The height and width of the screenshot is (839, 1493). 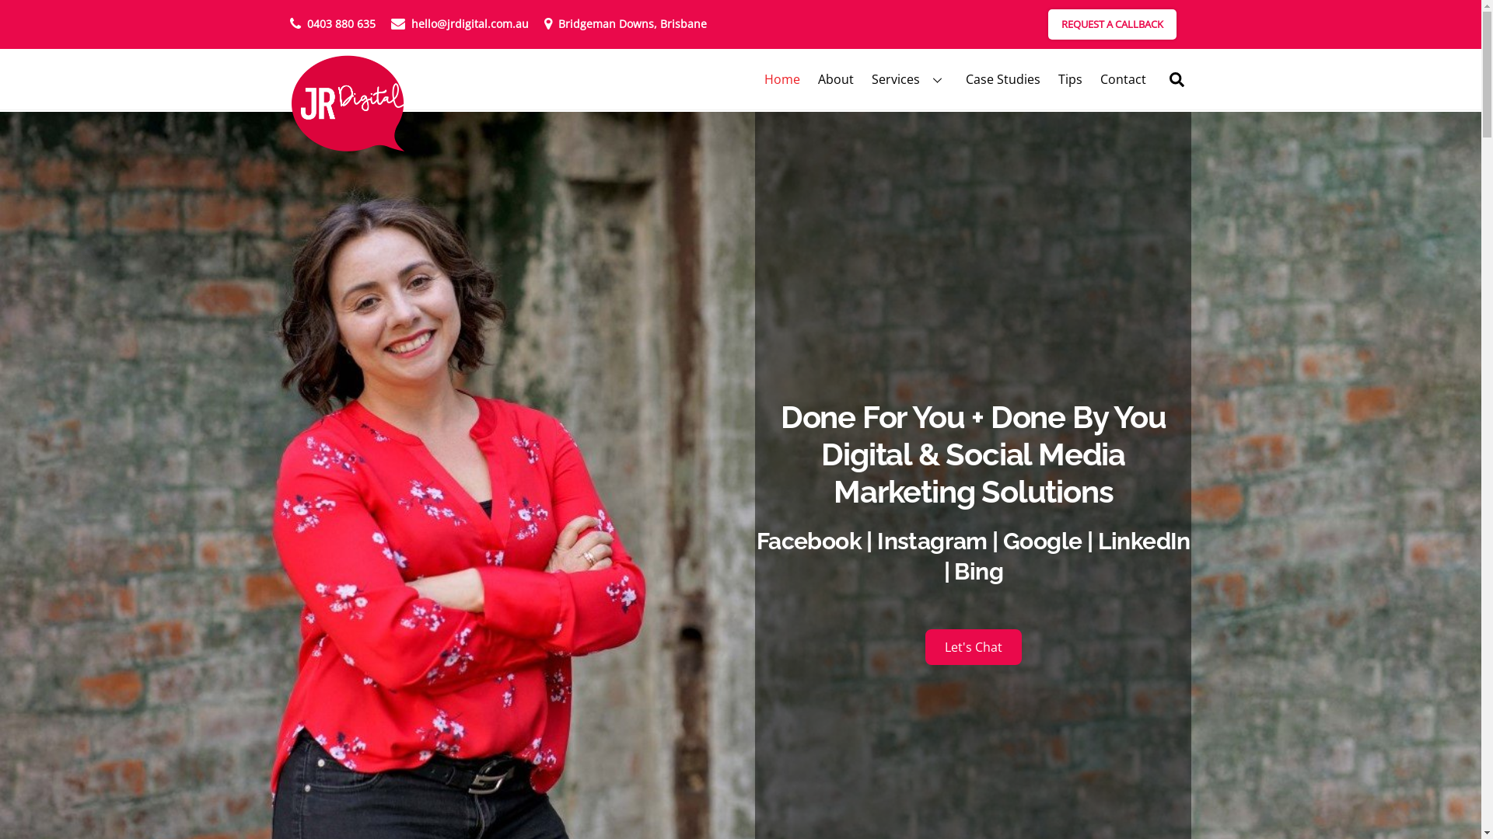 I want to click on 'Bridgeman Downs, Brisbane', so click(x=625, y=23).